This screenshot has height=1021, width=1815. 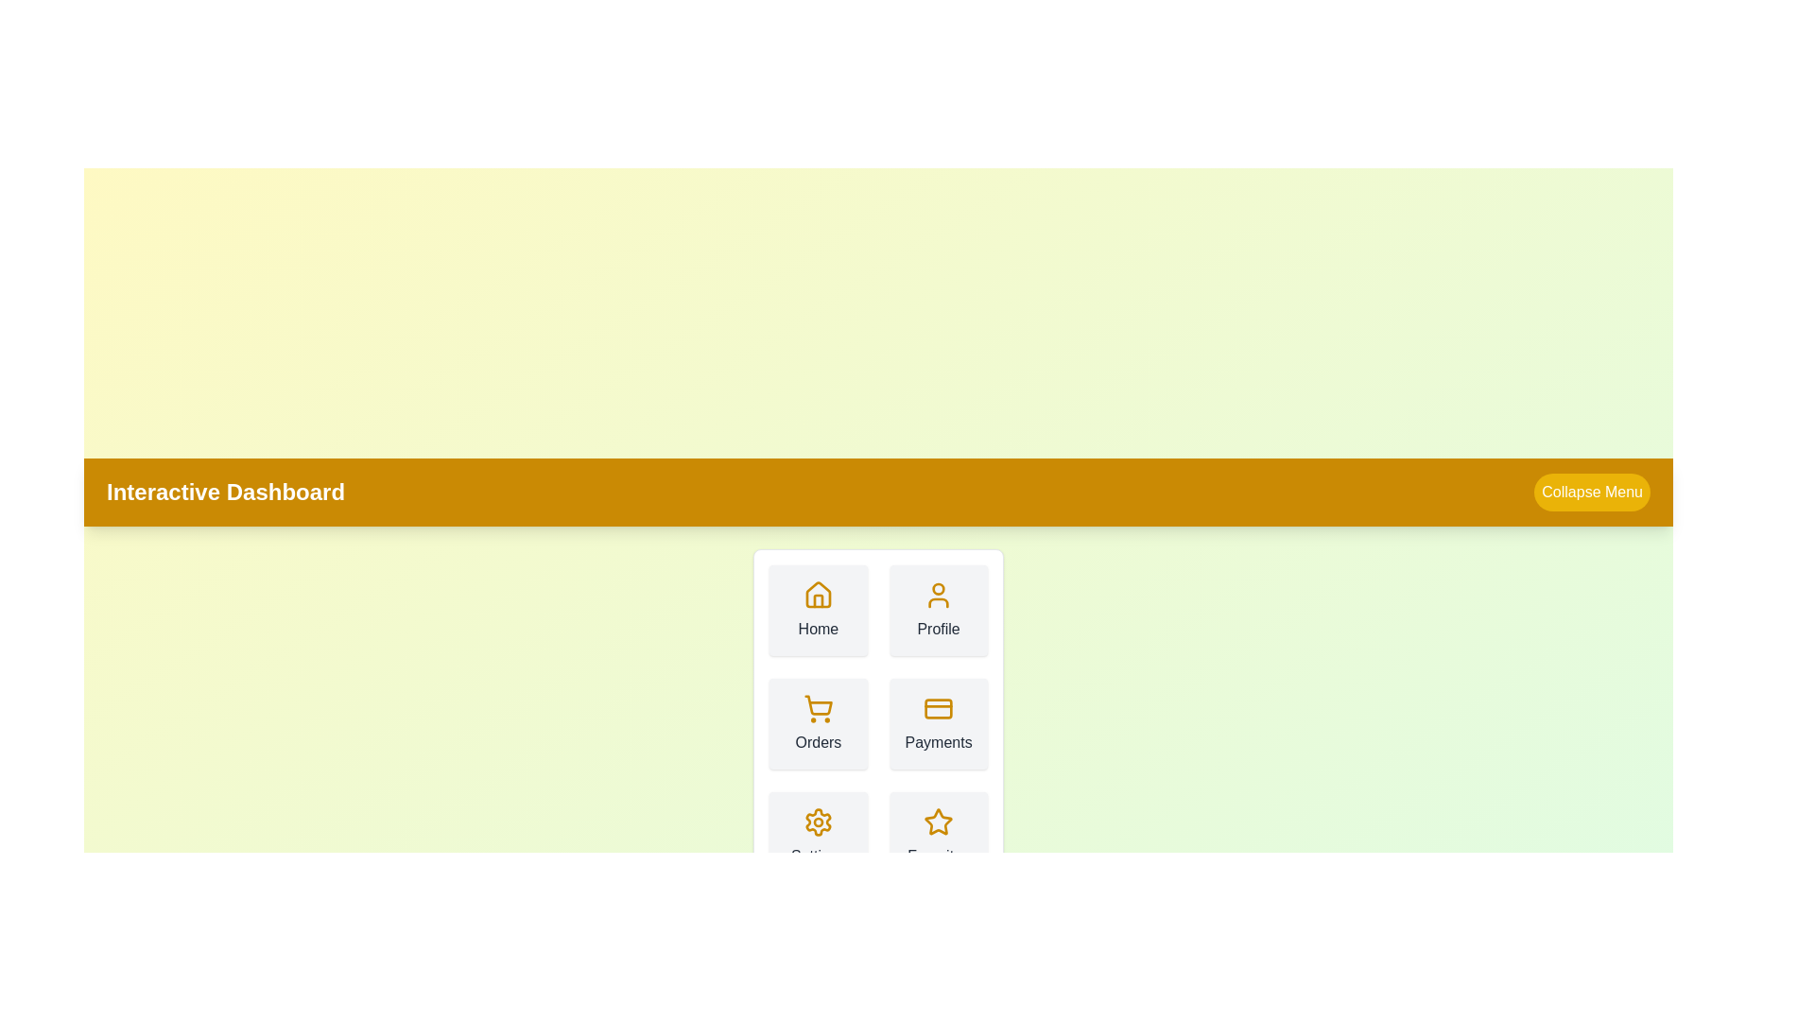 I want to click on the 'Collapse Menu' button to toggle the menu expansion, so click(x=1591, y=491).